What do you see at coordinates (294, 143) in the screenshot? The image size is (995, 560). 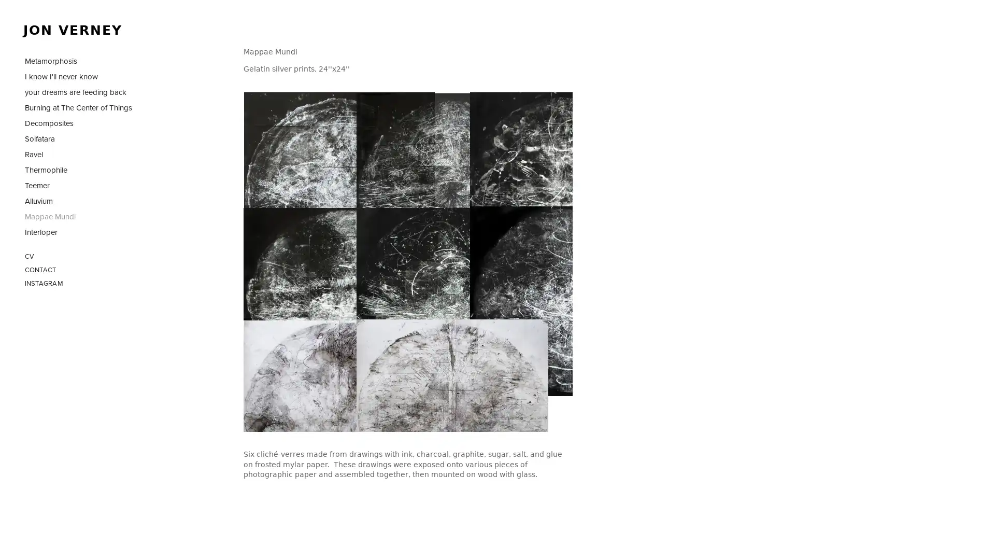 I see `View fullsize mundi8.jpg` at bounding box center [294, 143].